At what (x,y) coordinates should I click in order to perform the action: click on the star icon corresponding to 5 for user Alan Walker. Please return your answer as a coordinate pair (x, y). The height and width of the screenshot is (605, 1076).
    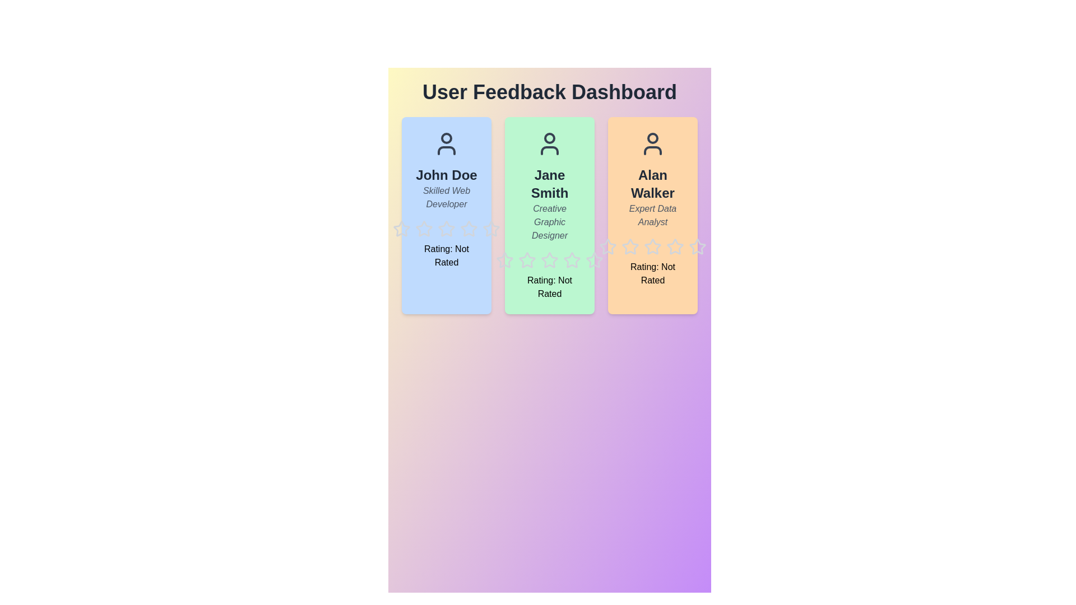
    Looking at the image, I should click on (688, 237).